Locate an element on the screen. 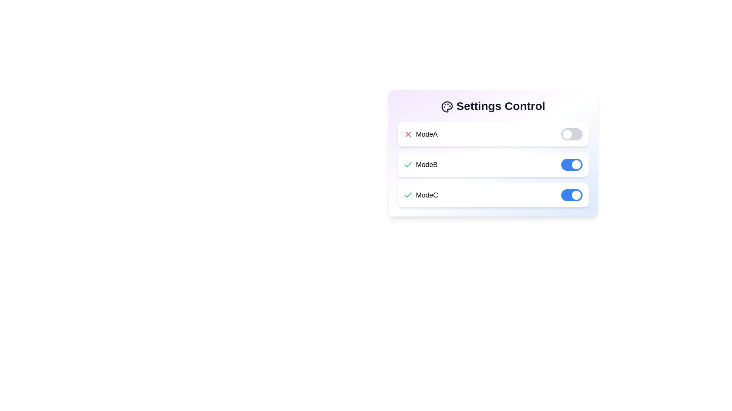 The height and width of the screenshot is (411, 732). the small red 'X' icon located to the left of the 'ModeA' text in the settings interface is located at coordinates (408, 134).